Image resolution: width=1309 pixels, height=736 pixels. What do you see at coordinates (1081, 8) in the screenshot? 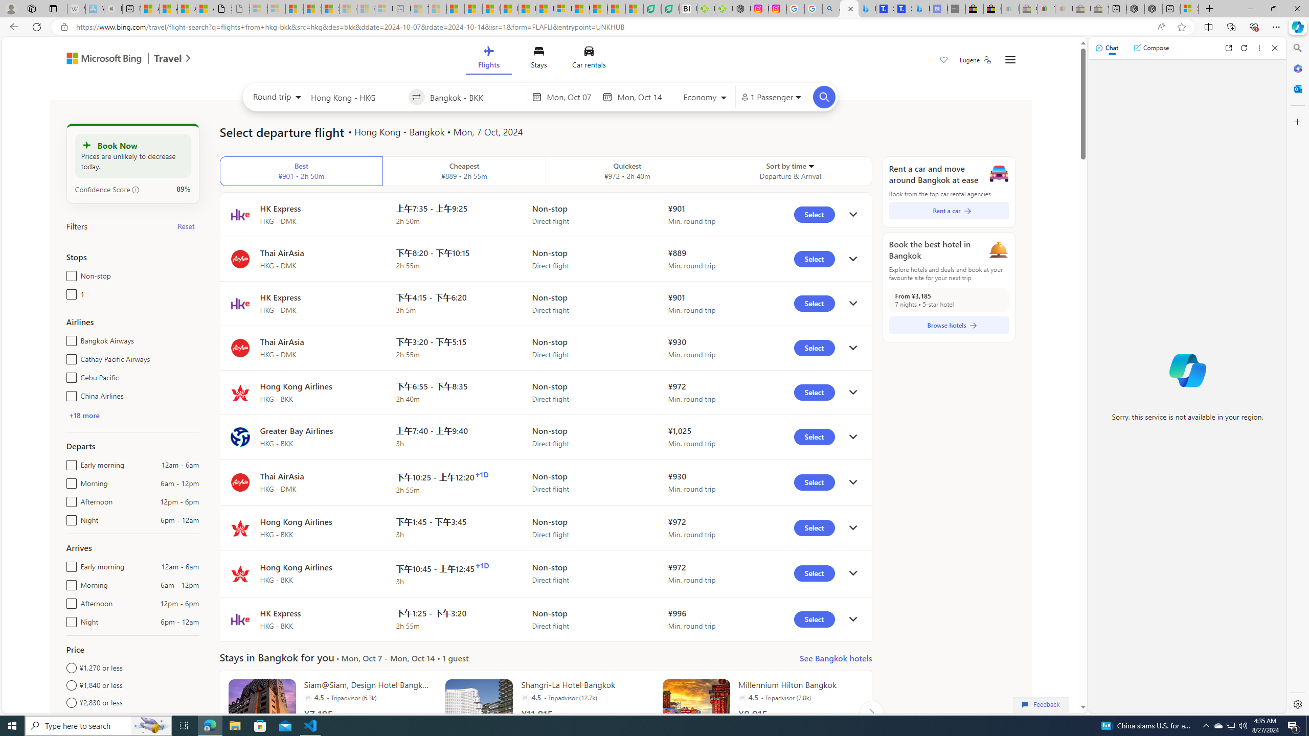
I see `'Press Room - eBay Inc. - Sleeping'` at bounding box center [1081, 8].